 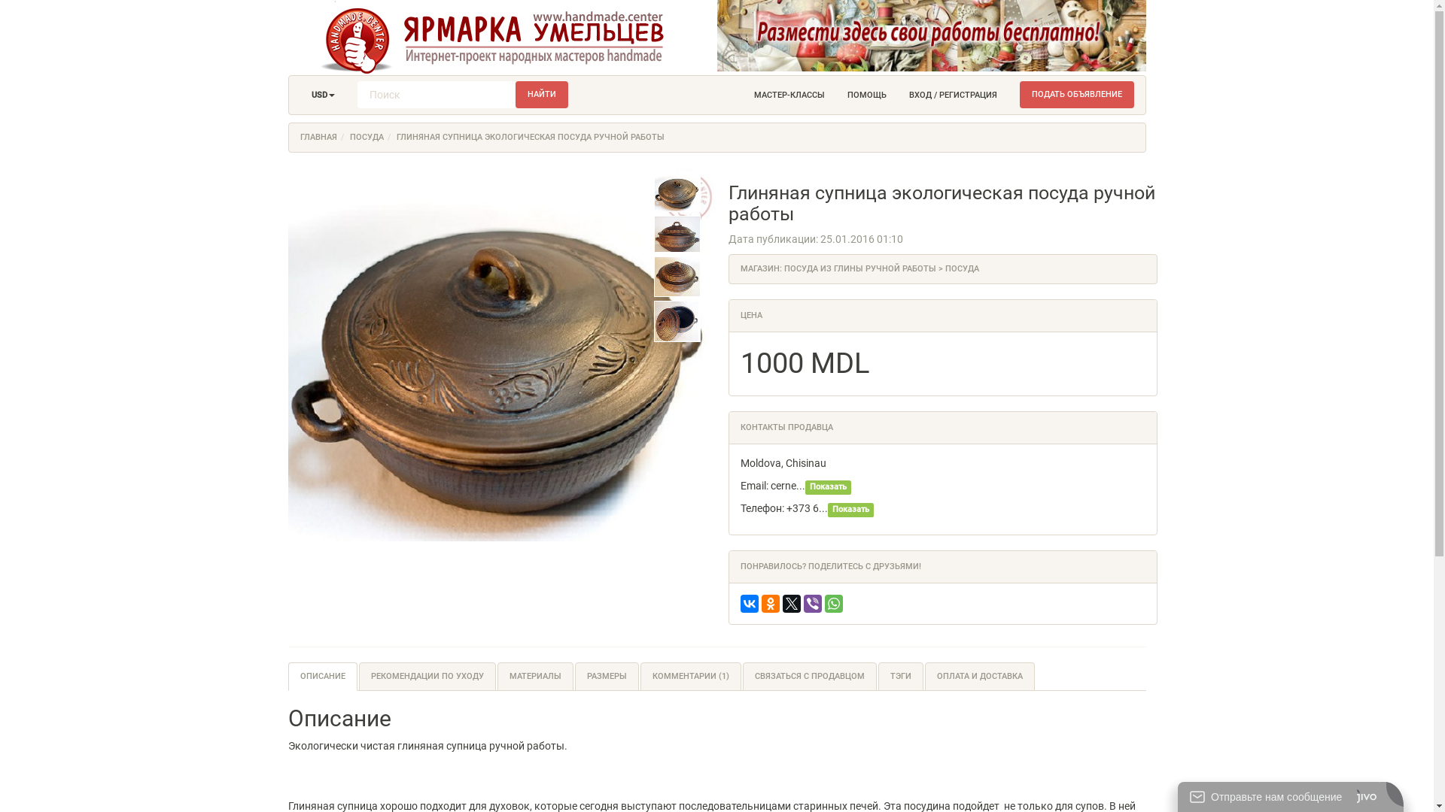 What do you see at coordinates (812, 602) in the screenshot?
I see `'Viber'` at bounding box center [812, 602].